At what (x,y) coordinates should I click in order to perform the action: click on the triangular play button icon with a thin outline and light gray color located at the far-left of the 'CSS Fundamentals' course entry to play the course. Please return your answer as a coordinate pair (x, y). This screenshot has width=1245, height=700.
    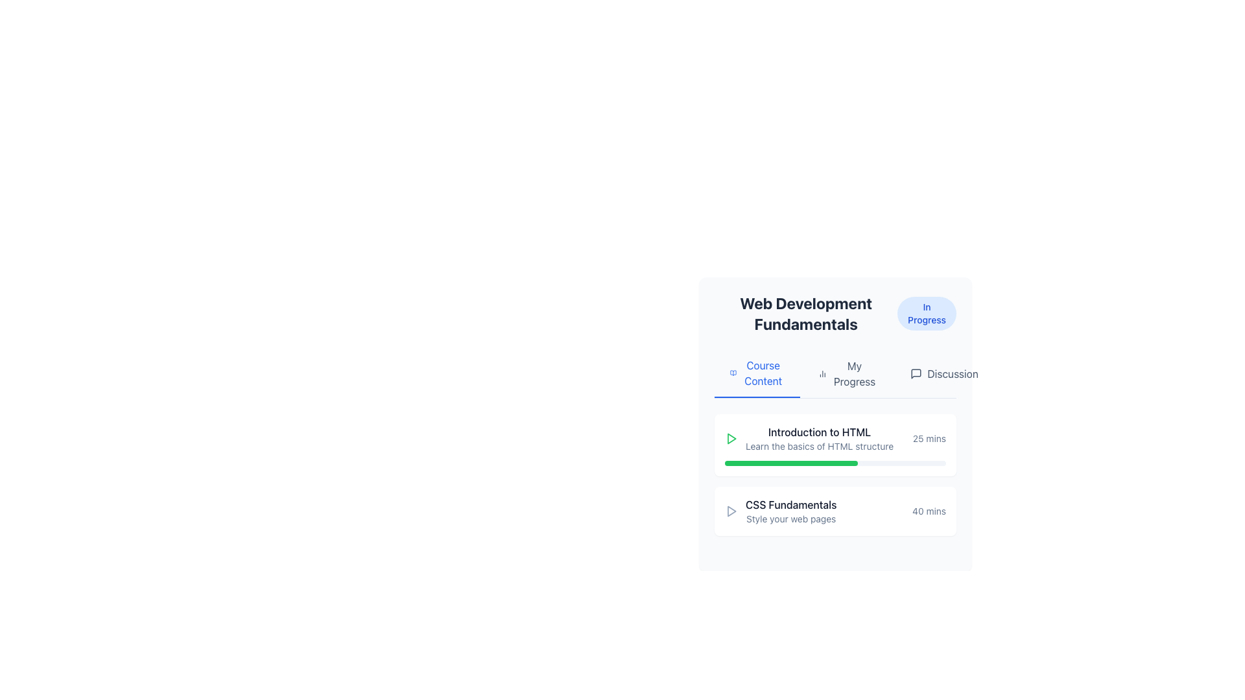
    Looking at the image, I should click on (731, 511).